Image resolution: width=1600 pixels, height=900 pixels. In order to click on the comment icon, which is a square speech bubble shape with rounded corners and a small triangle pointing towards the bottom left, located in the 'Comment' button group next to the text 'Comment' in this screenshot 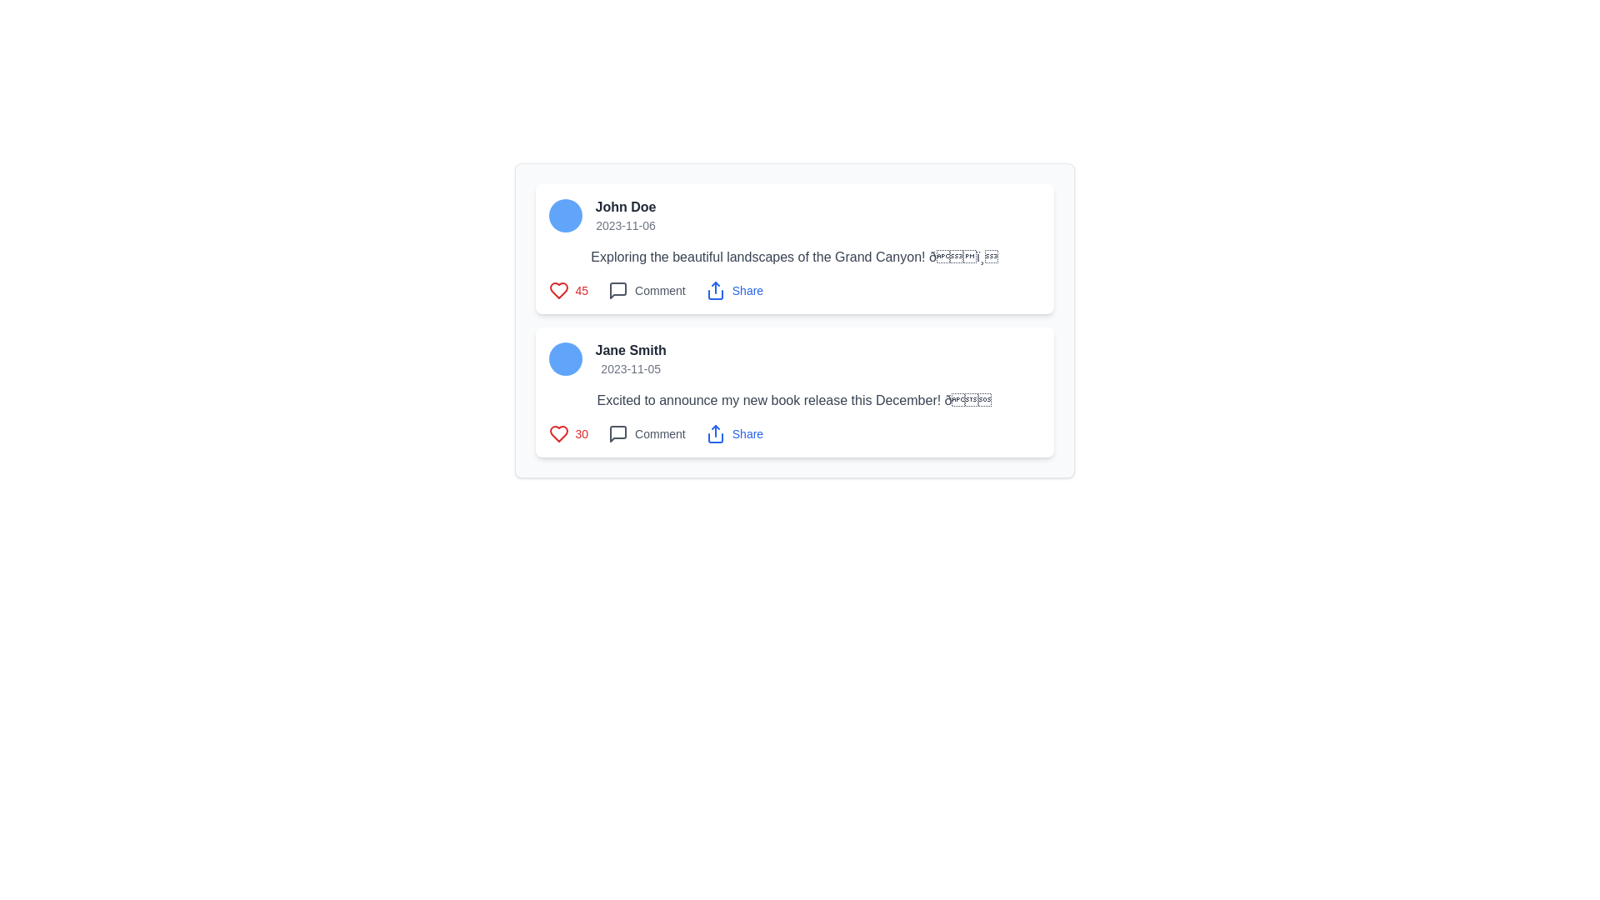, I will do `click(617, 289)`.